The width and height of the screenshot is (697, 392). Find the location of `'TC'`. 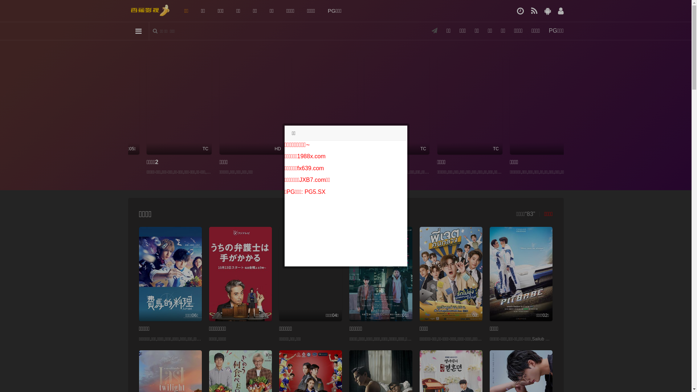

'TC' is located at coordinates (454, 105).